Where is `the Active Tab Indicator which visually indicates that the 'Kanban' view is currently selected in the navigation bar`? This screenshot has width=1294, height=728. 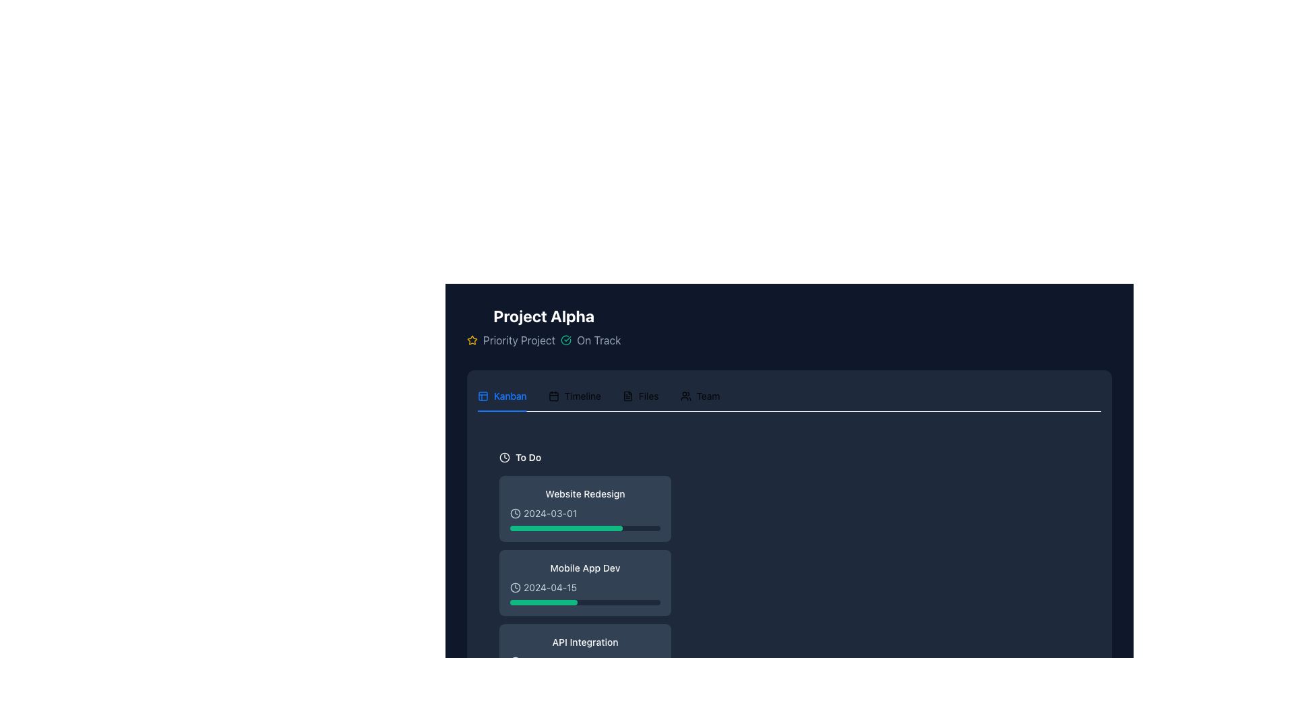
the Active Tab Indicator which visually indicates that the 'Kanban' view is currently selected in the navigation bar is located at coordinates (501, 410).